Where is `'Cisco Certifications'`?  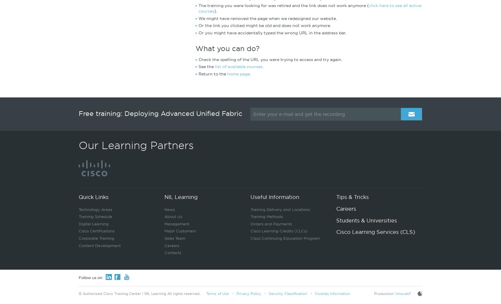 'Cisco Certifications' is located at coordinates (79, 231).